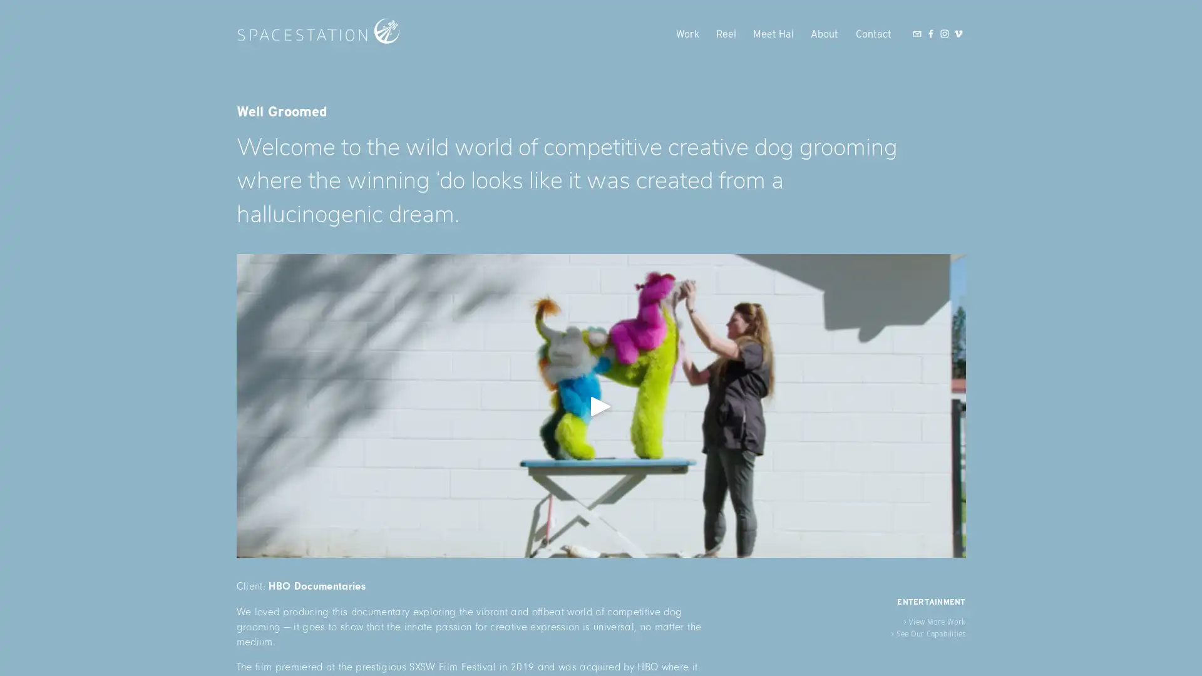  Describe the element at coordinates (600, 406) in the screenshot. I see `View fullsize` at that location.